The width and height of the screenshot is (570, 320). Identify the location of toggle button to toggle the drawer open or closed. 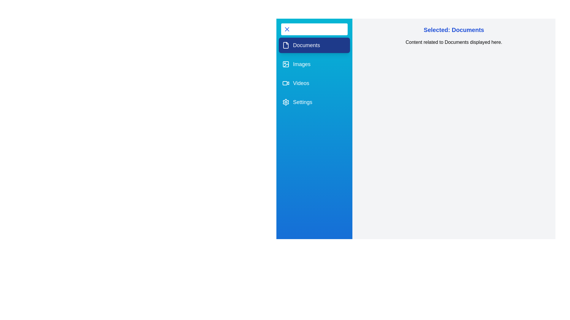
(314, 29).